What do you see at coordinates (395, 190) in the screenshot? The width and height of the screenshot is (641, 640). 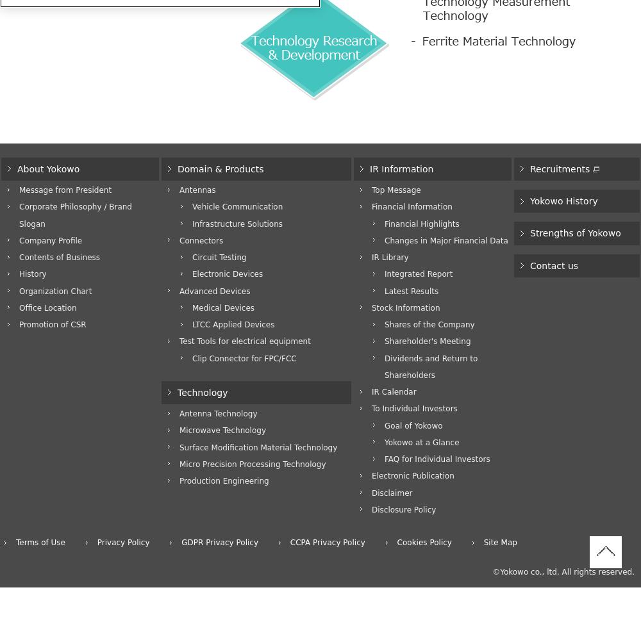 I see `'Top Message'` at bounding box center [395, 190].